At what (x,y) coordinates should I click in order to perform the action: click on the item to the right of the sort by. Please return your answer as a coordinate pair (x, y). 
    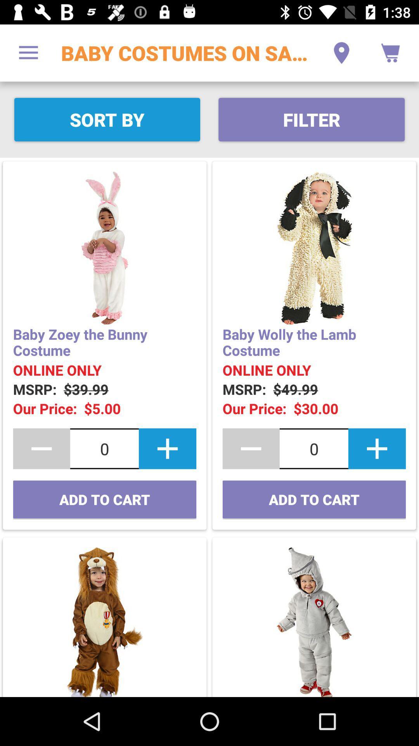
    Looking at the image, I should click on (311, 119).